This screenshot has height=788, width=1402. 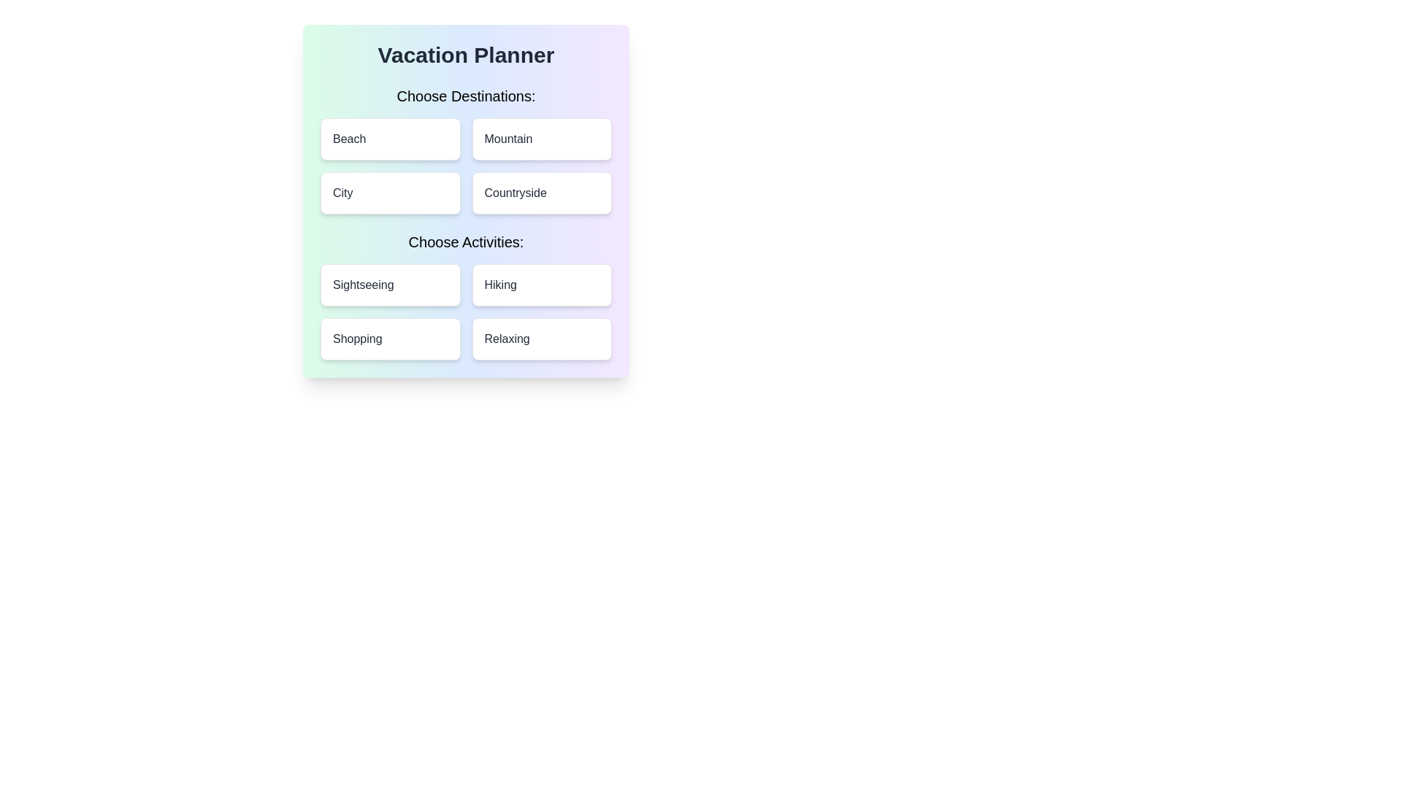 What do you see at coordinates (465, 241) in the screenshot?
I see `the header text displaying 'Choose Activities:' which is located above the grid of buttons in a card-styled layout` at bounding box center [465, 241].